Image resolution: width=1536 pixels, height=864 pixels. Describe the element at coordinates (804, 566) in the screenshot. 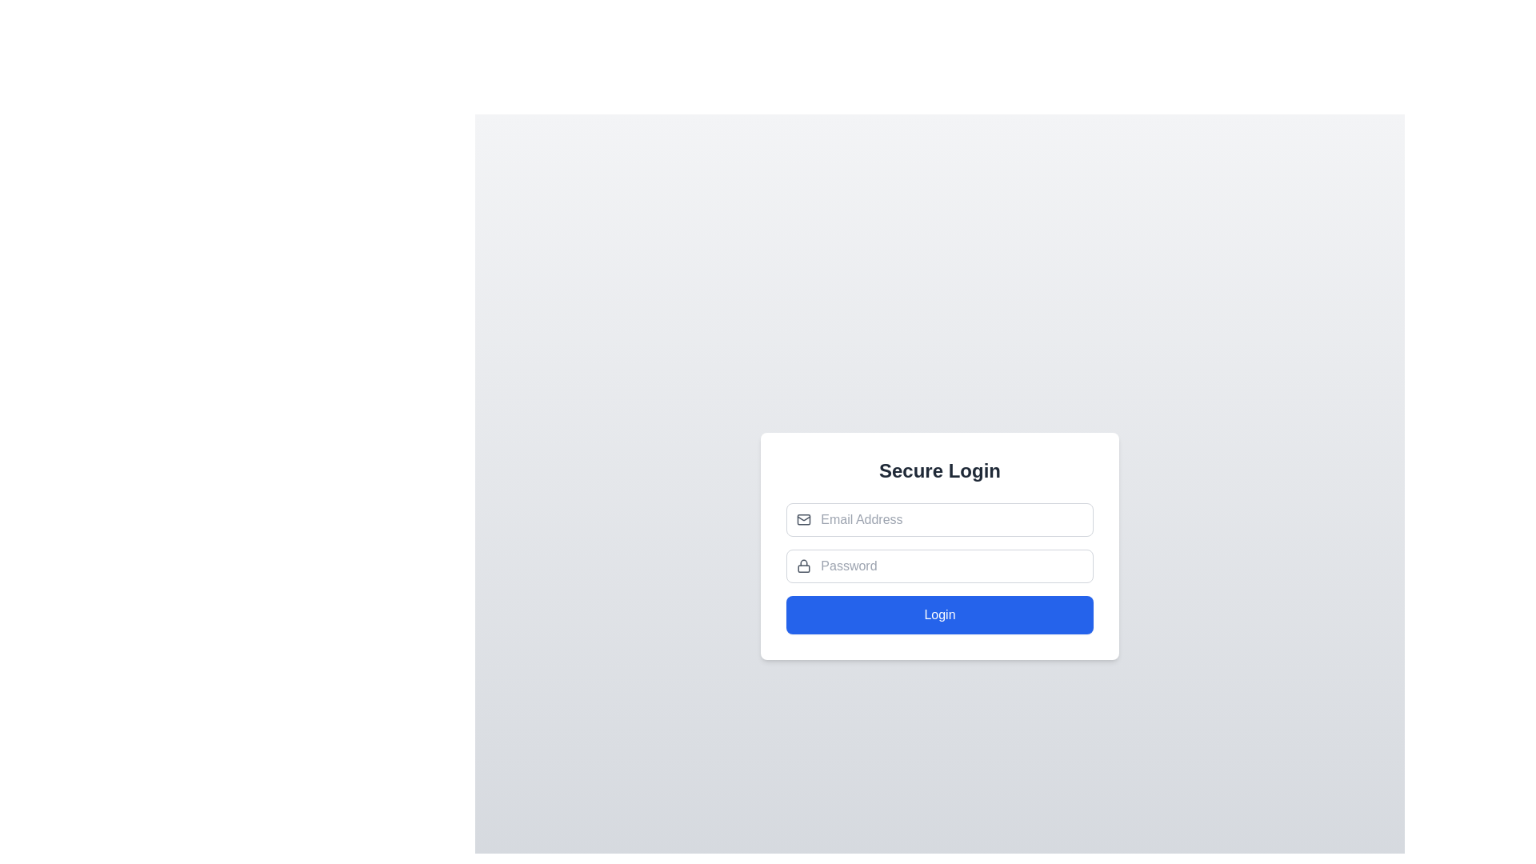

I see `the small gray lock icon located to the left of the 'Password' input field on the login form` at that location.